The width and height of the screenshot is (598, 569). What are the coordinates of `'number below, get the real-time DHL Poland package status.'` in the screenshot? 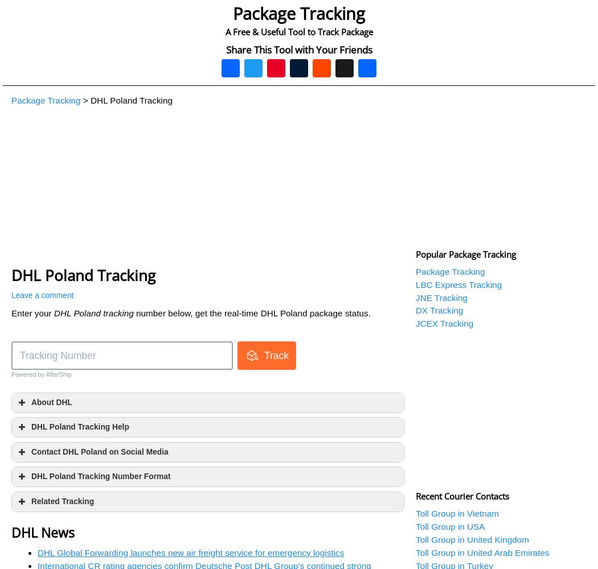 It's located at (251, 313).